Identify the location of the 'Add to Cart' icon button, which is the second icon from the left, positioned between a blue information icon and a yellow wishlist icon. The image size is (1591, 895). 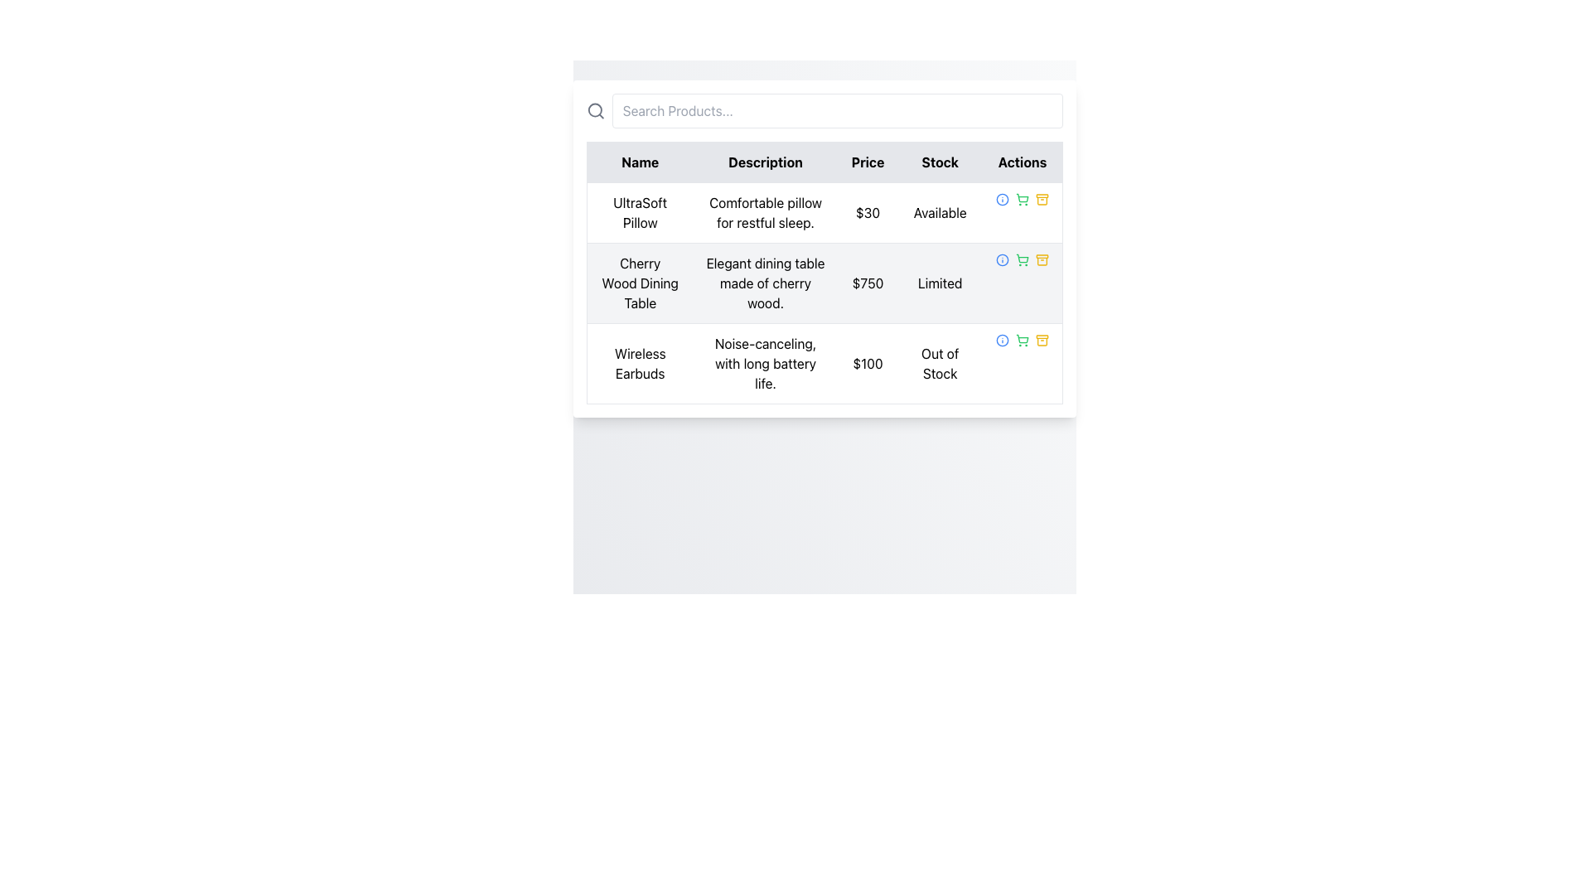
(1021, 259).